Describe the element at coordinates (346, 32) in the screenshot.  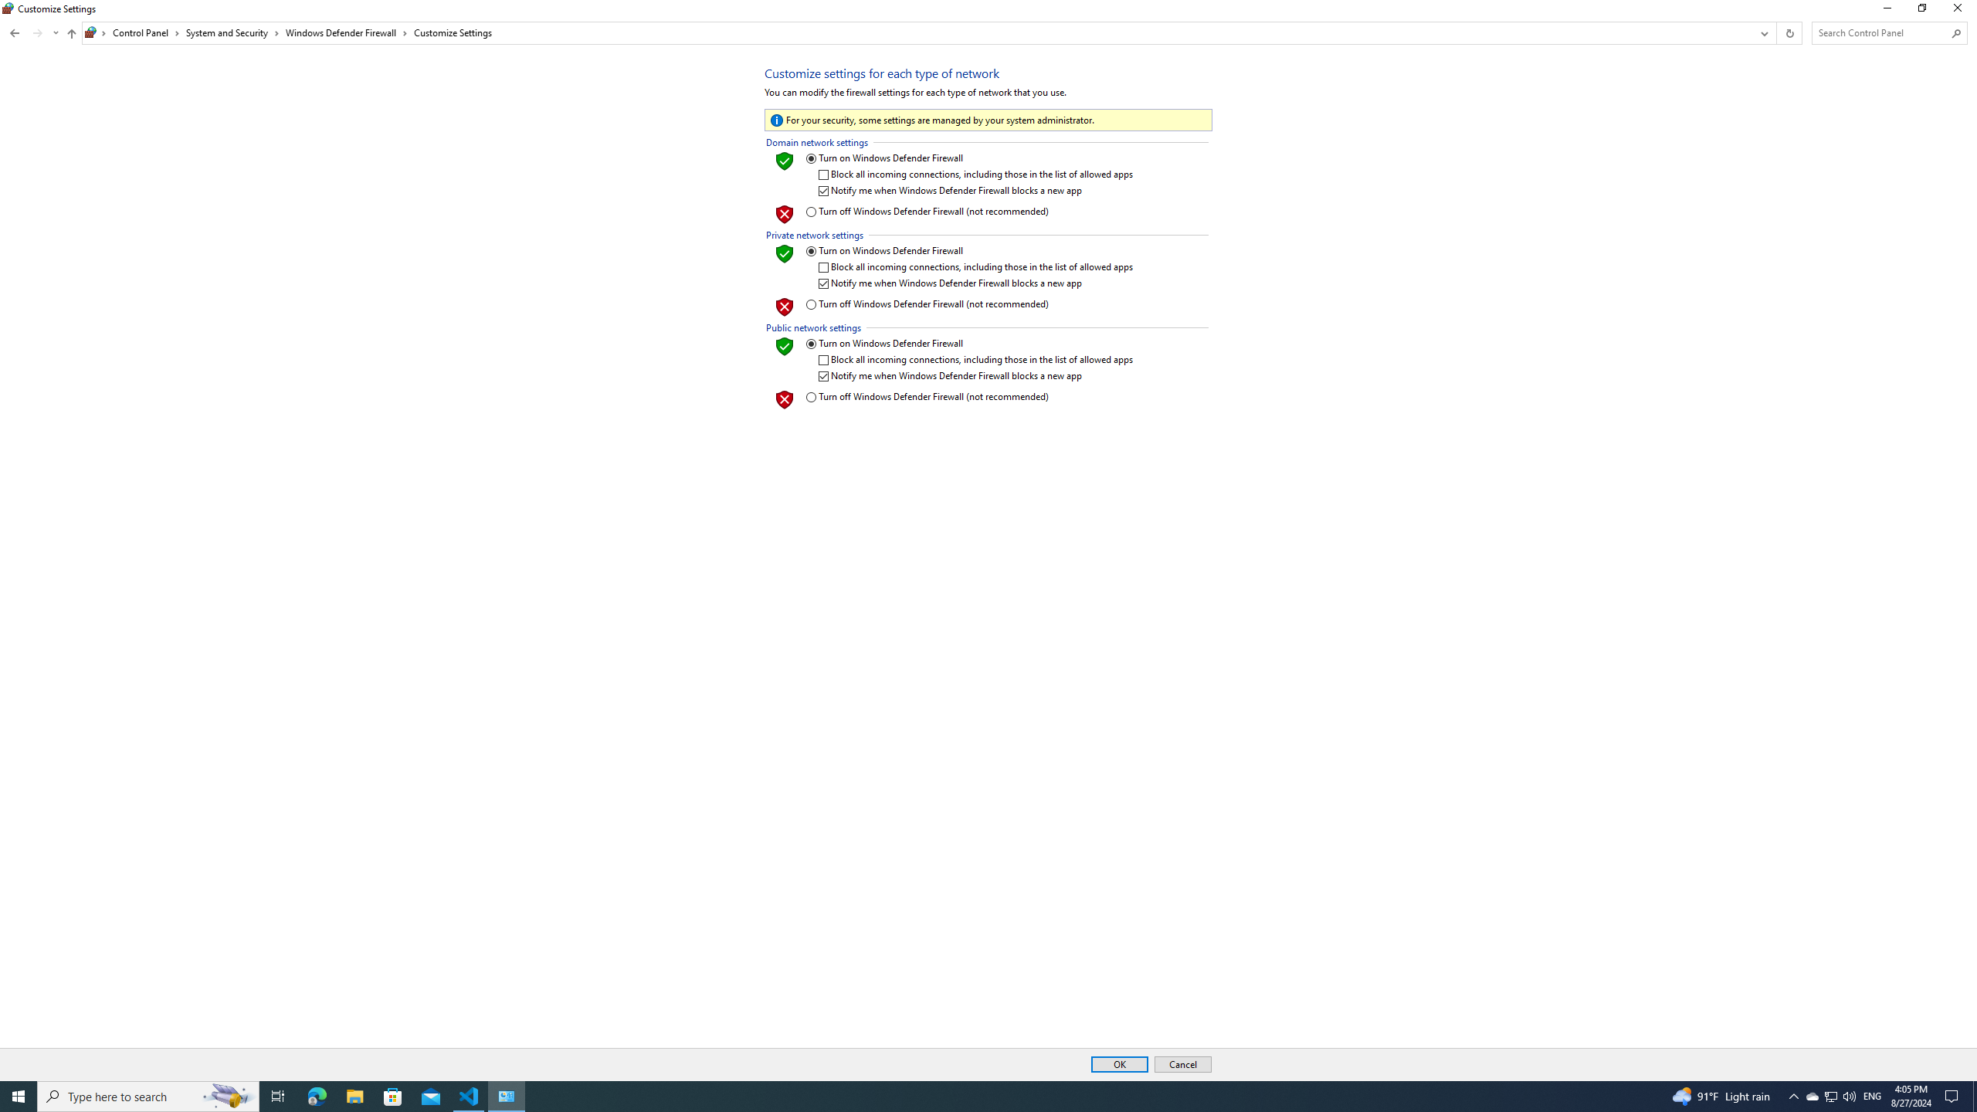
I see `'Windows Defender Firewall'` at that location.